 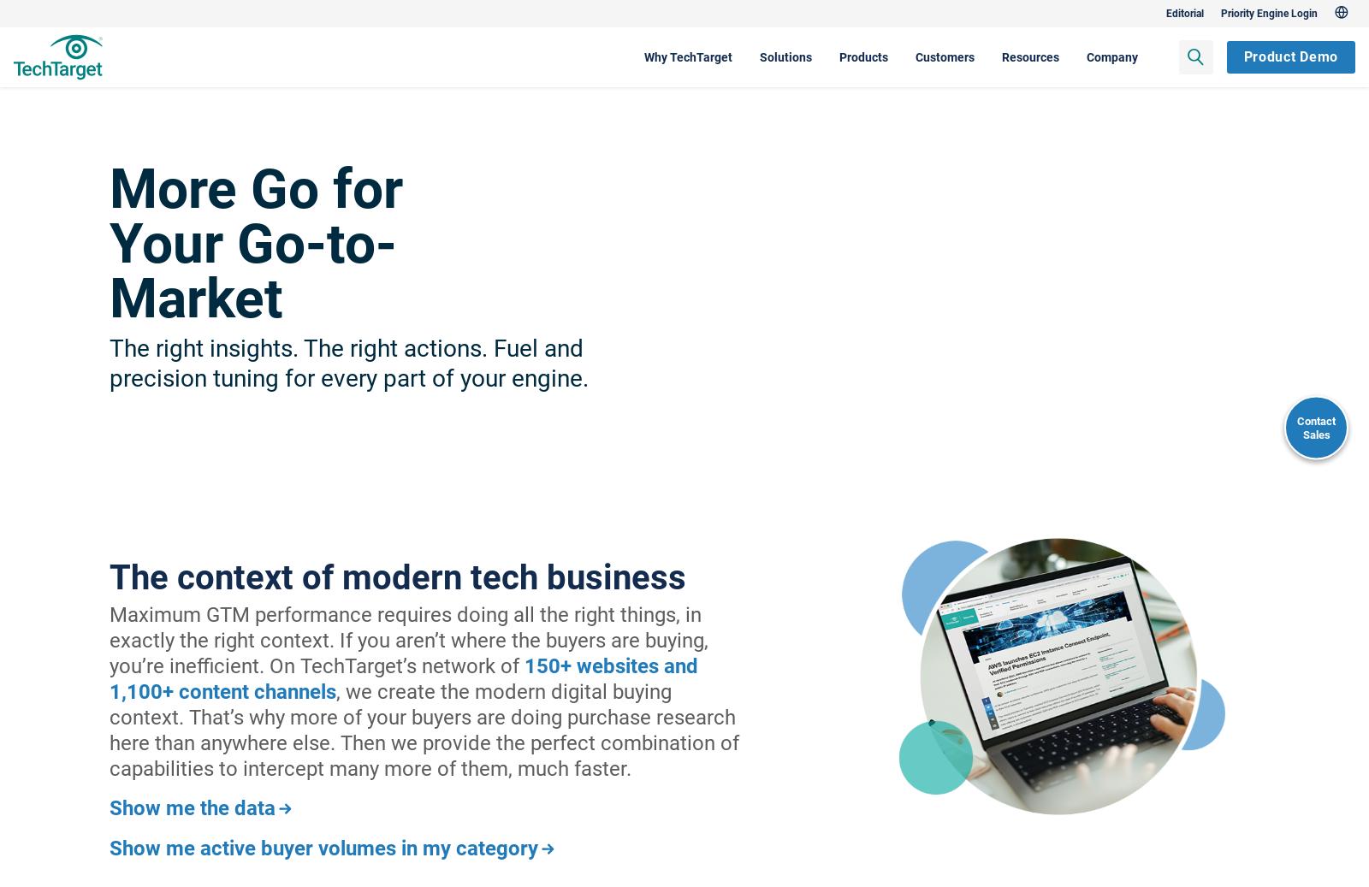 What do you see at coordinates (688, 56) in the screenshot?
I see `'Solutions'` at bounding box center [688, 56].